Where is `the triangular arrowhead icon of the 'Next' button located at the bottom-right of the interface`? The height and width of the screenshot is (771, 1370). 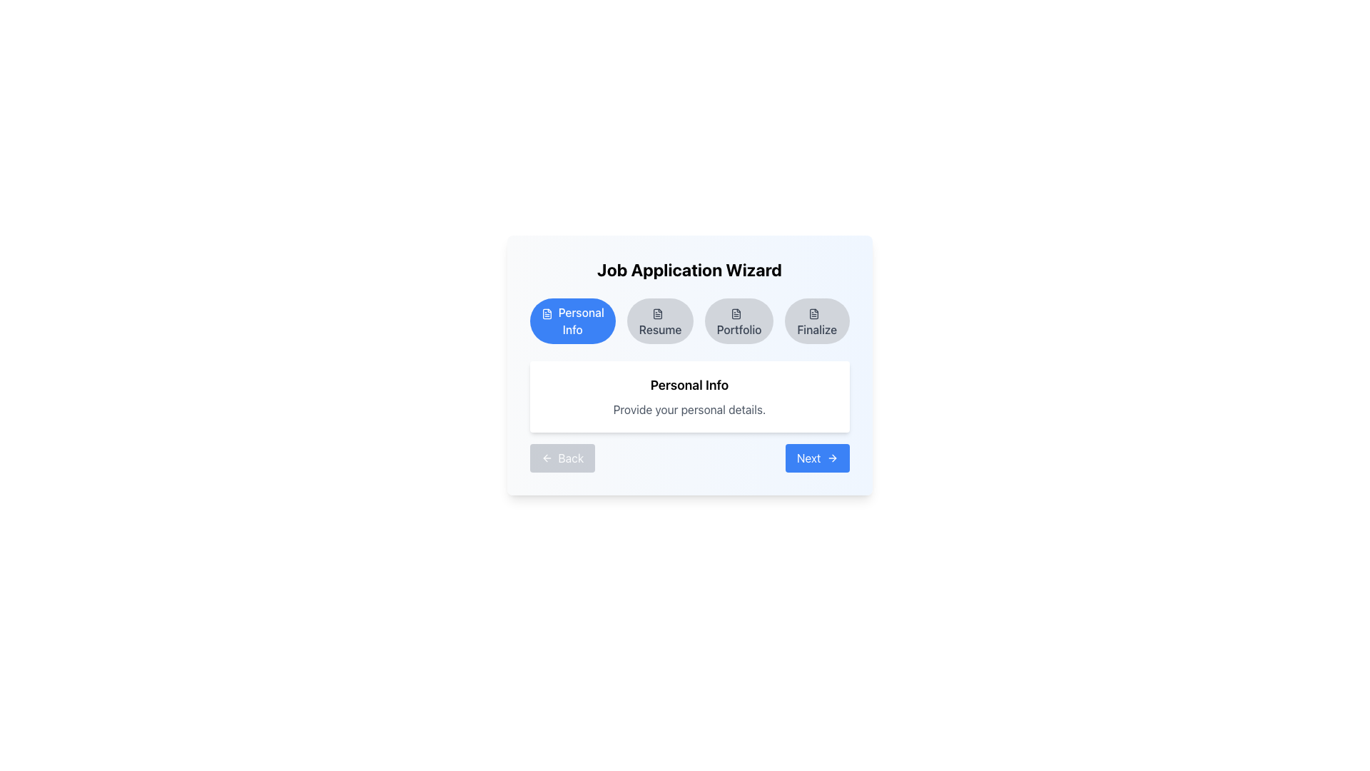 the triangular arrowhead icon of the 'Next' button located at the bottom-right of the interface is located at coordinates (833, 458).